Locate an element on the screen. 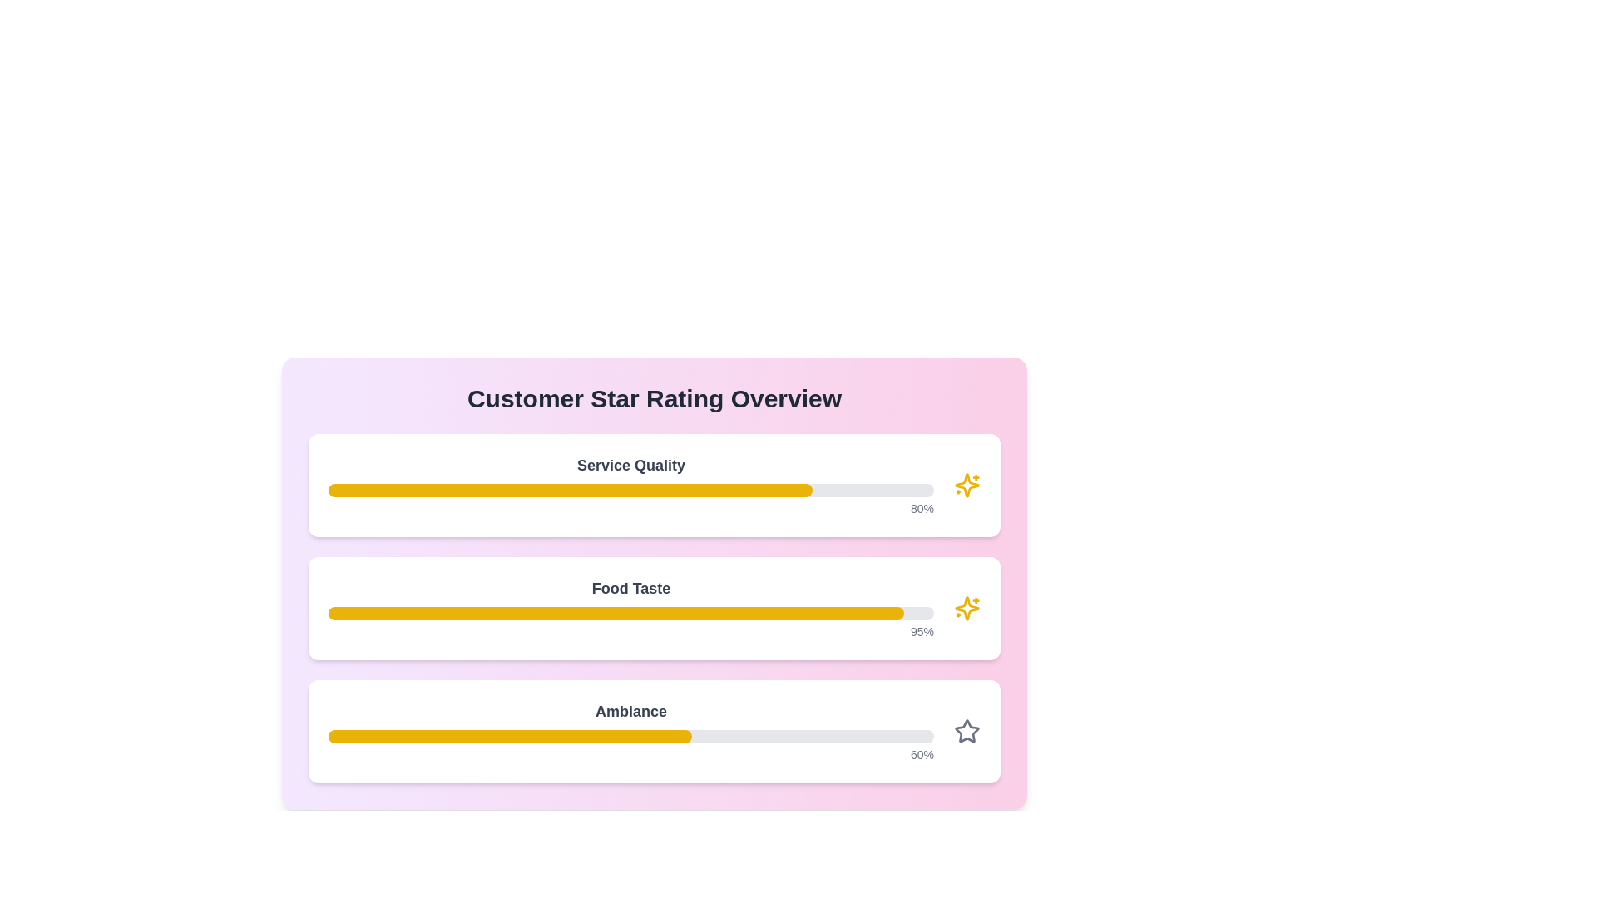 The width and height of the screenshot is (1597, 898). the 'Ambiance' progress bar which shows 60% completion and is located on the third row of the progress bar section is located at coordinates (630, 730).